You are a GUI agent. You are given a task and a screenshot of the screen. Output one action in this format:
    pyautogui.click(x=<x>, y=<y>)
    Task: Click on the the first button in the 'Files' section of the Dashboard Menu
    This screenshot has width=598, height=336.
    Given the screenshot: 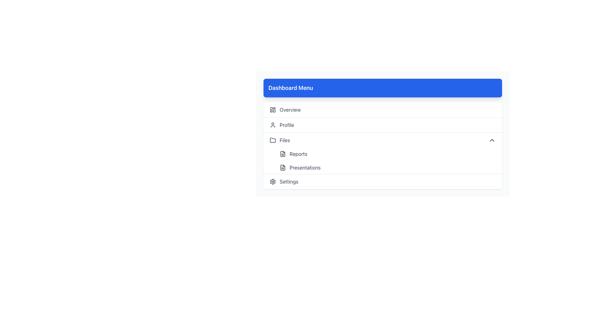 What is the action you would take?
    pyautogui.click(x=387, y=154)
    